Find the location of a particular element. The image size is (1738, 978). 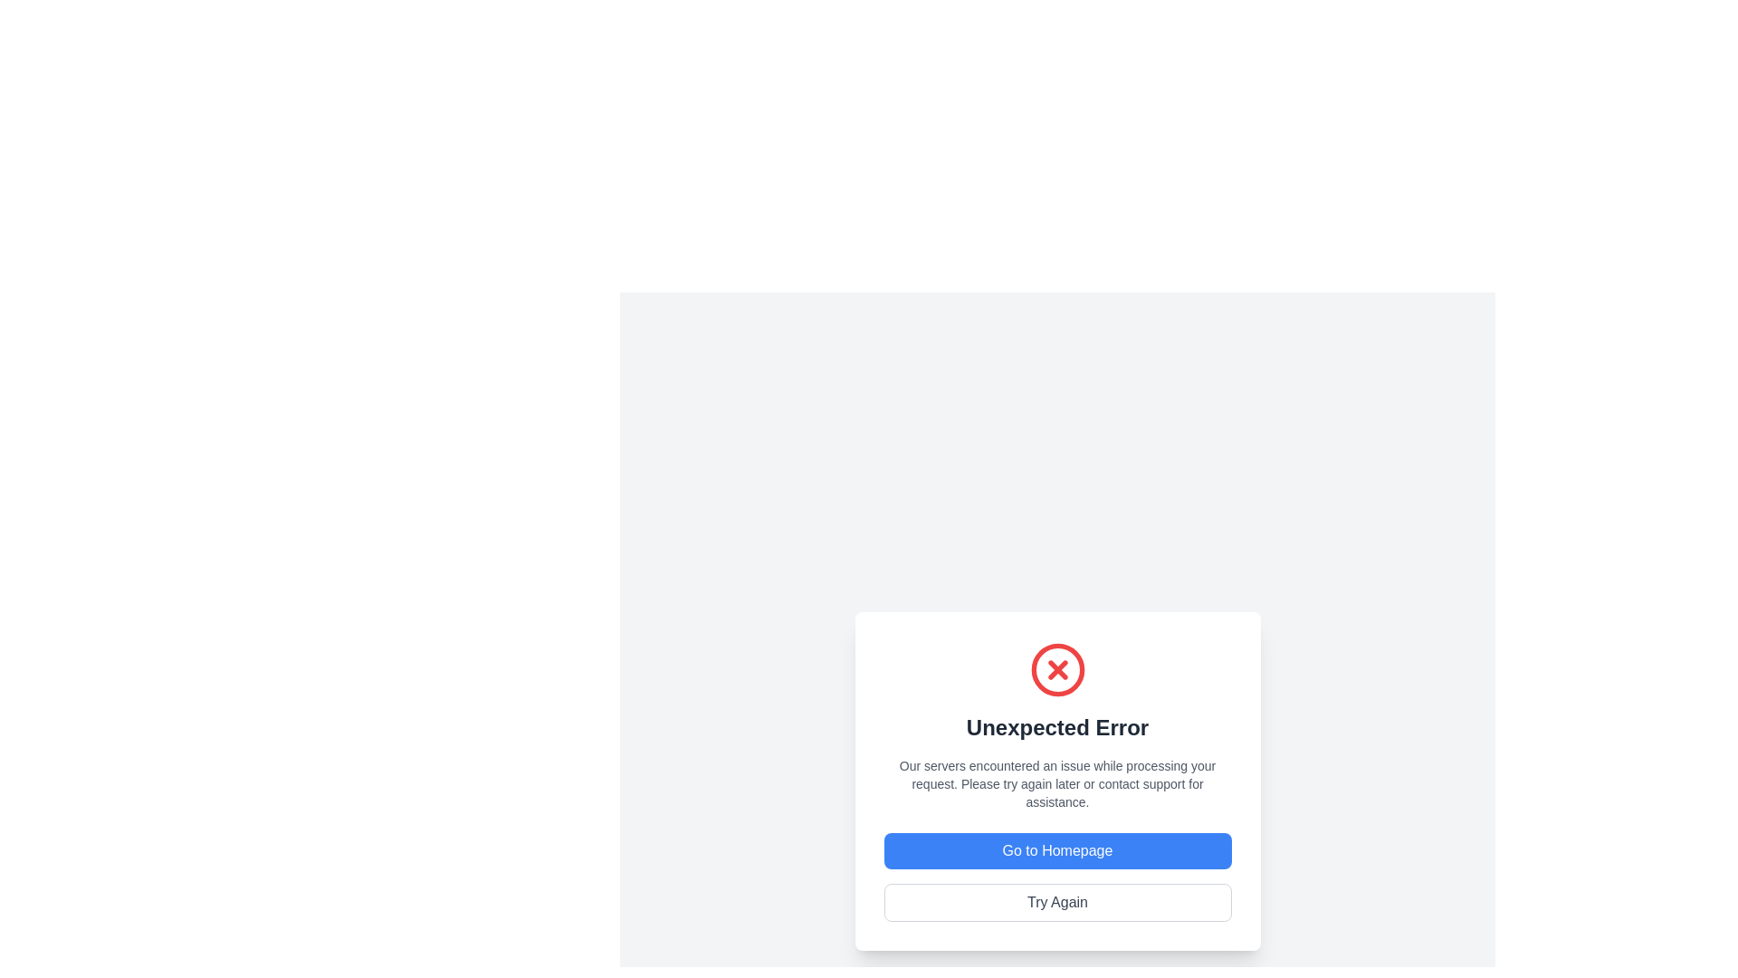

the error indicator icon located centrally above the text elements in the error message dialog box is located at coordinates (1057, 670).